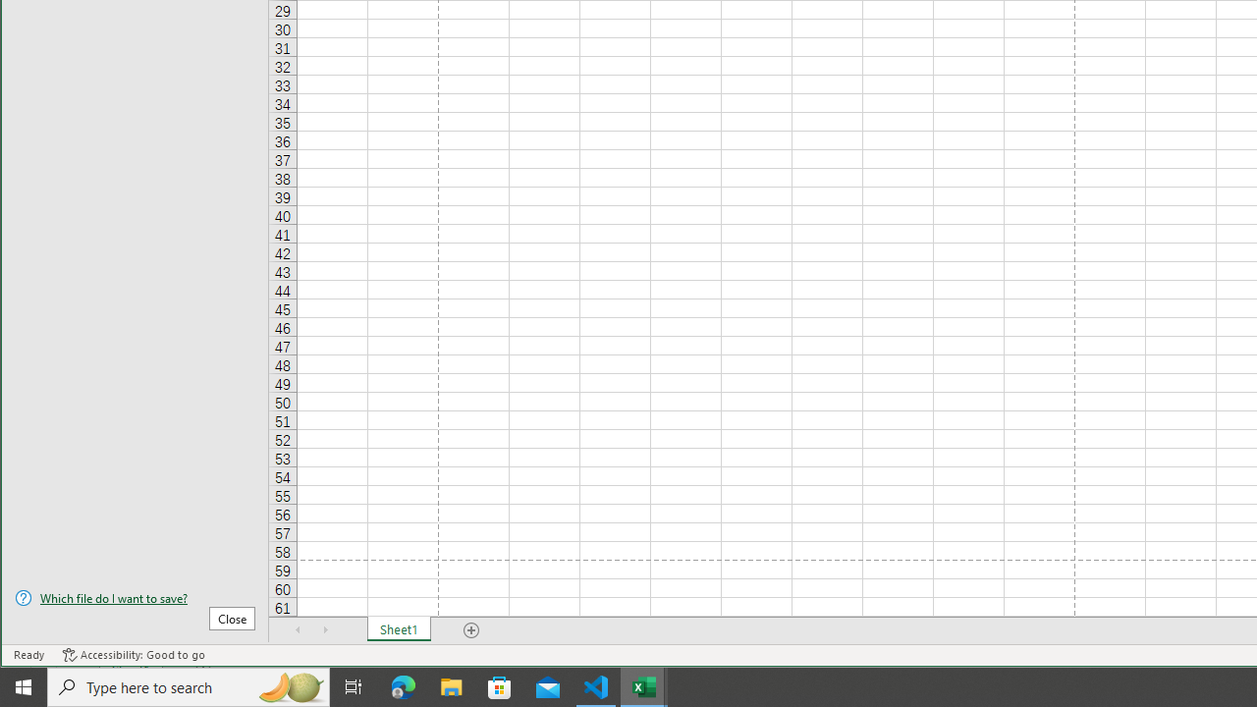  What do you see at coordinates (403, 685) in the screenshot?
I see `'Microsoft Edge'` at bounding box center [403, 685].